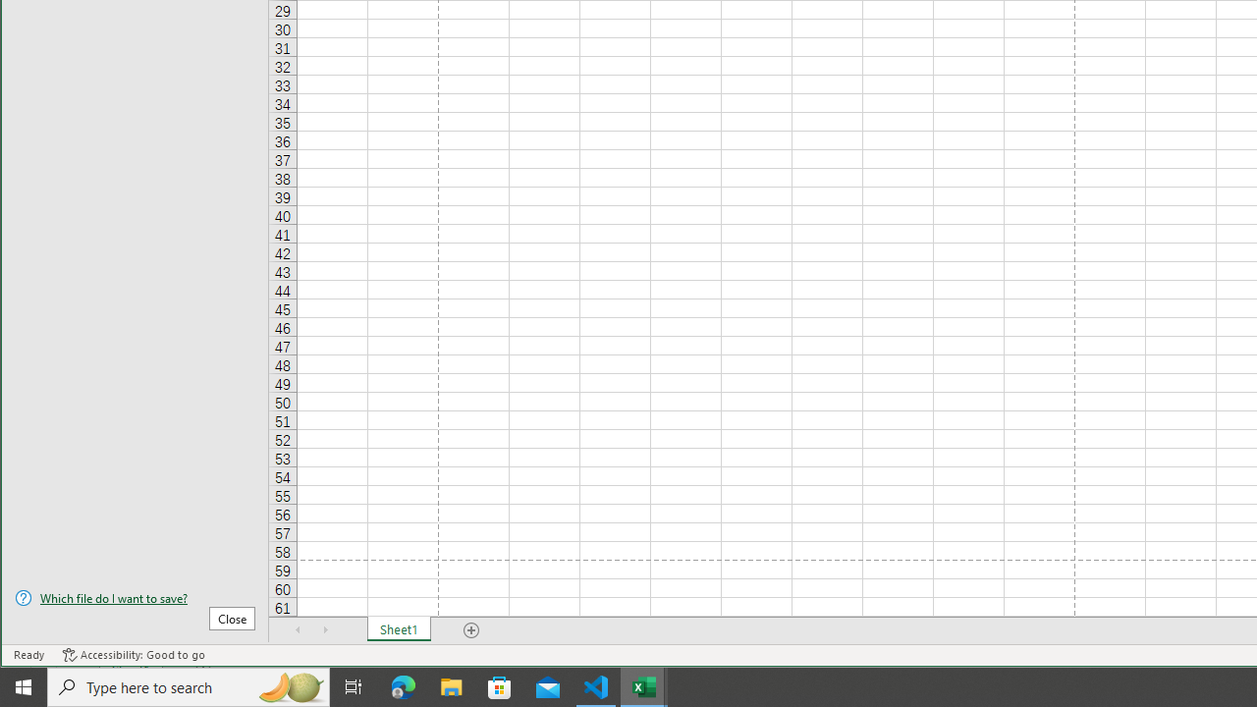  What do you see at coordinates (403, 685) in the screenshot?
I see `'Microsoft Edge'` at bounding box center [403, 685].